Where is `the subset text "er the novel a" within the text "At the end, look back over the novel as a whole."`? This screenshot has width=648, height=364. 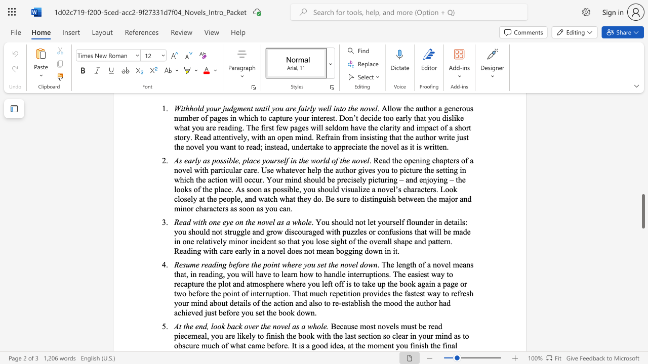
the subset text "er the novel a" within the text "At the end, look back over the novel as a whole." is located at coordinates (252, 326).